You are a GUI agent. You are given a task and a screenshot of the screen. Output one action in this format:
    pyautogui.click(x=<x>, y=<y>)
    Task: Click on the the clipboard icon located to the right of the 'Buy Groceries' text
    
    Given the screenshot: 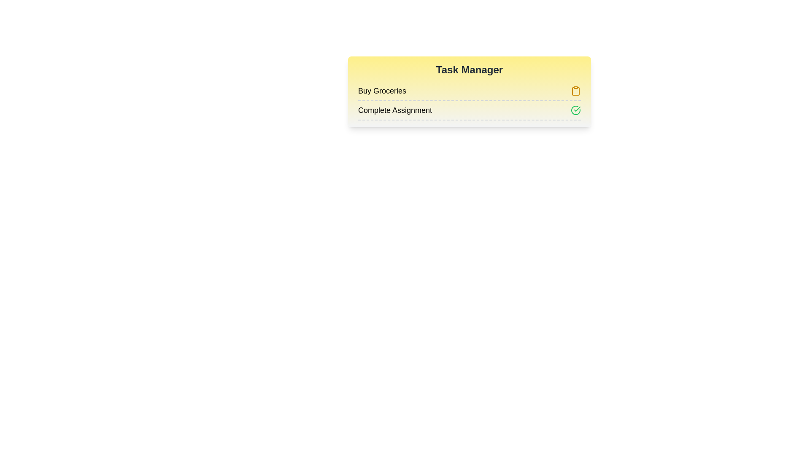 What is the action you would take?
    pyautogui.click(x=575, y=91)
    